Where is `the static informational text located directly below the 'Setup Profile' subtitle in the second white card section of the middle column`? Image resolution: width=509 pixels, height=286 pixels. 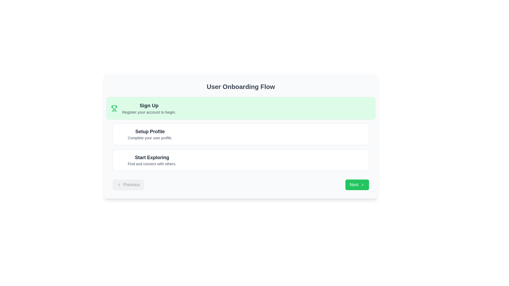 the static informational text located directly below the 'Setup Profile' subtitle in the second white card section of the middle column is located at coordinates (150, 137).